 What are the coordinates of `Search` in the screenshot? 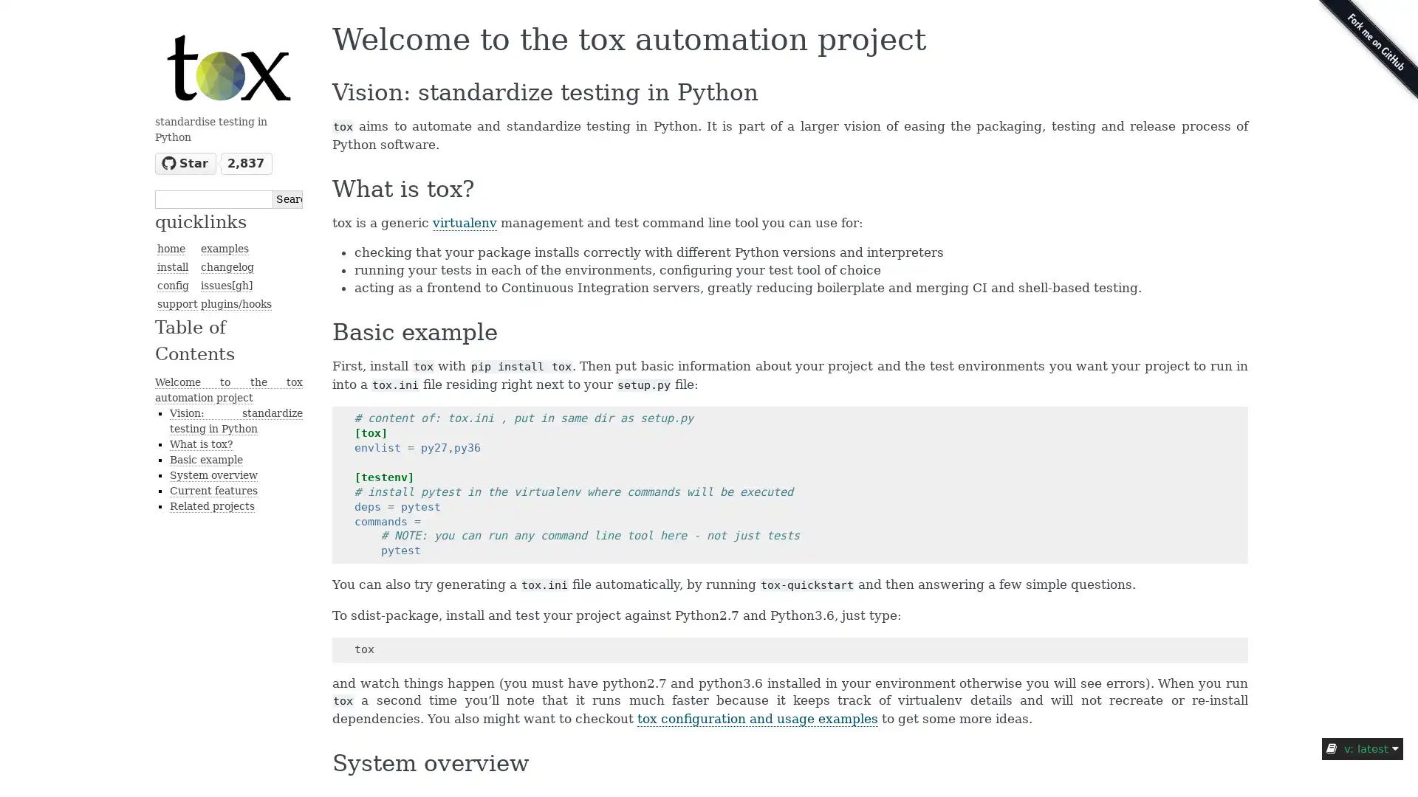 It's located at (287, 198).